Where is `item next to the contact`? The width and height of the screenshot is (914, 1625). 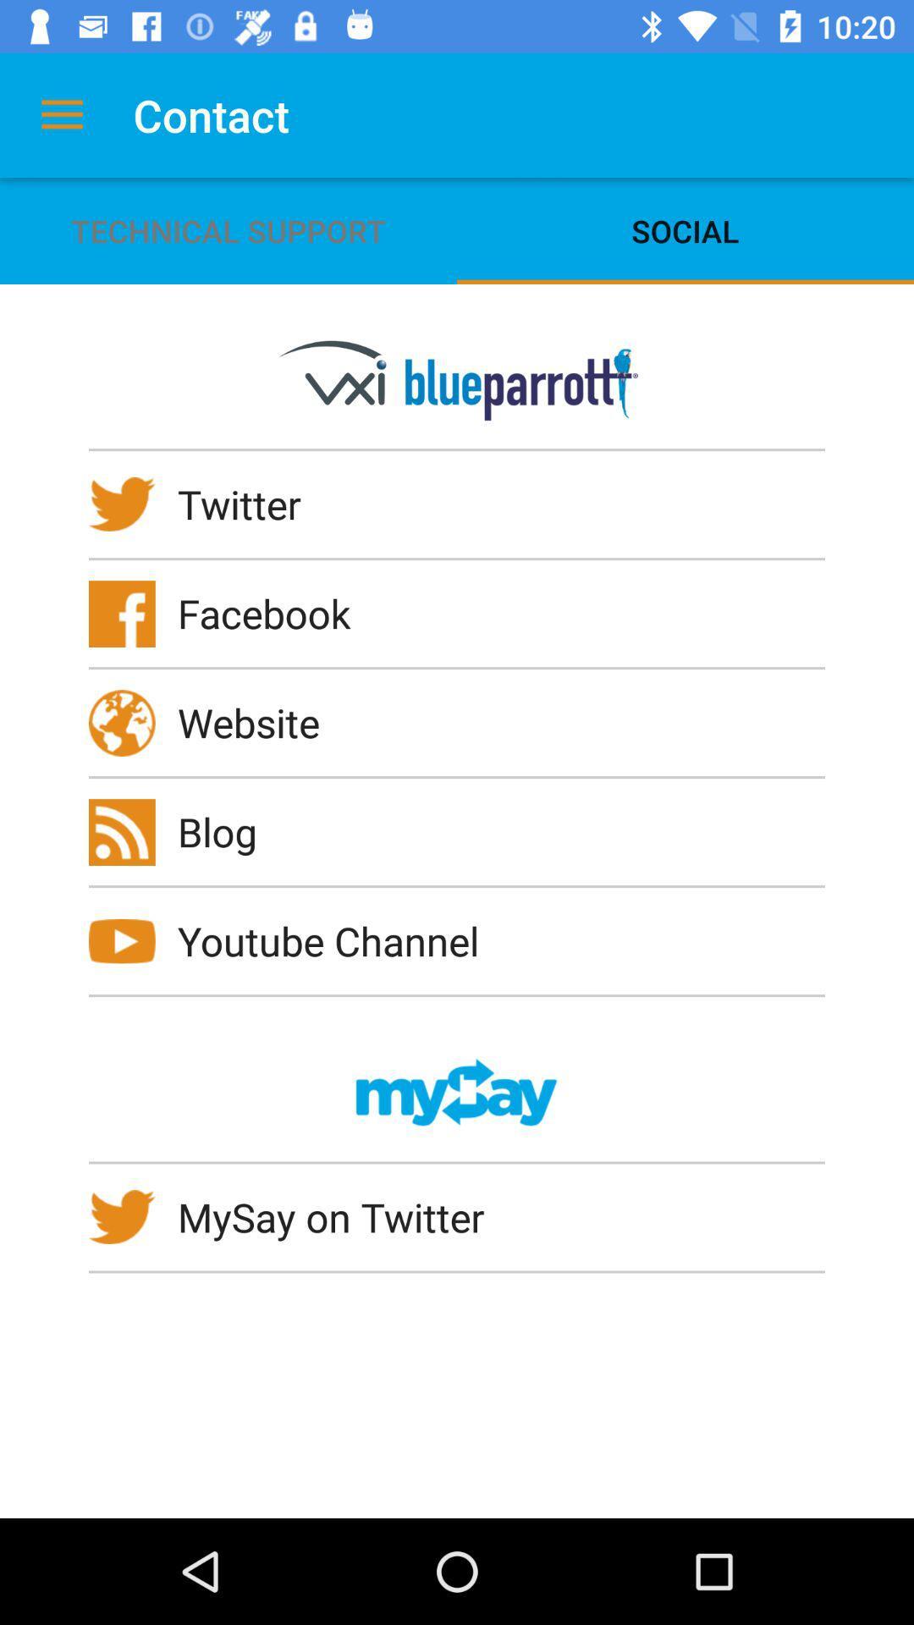 item next to the contact is located at coordinates (61, 114).